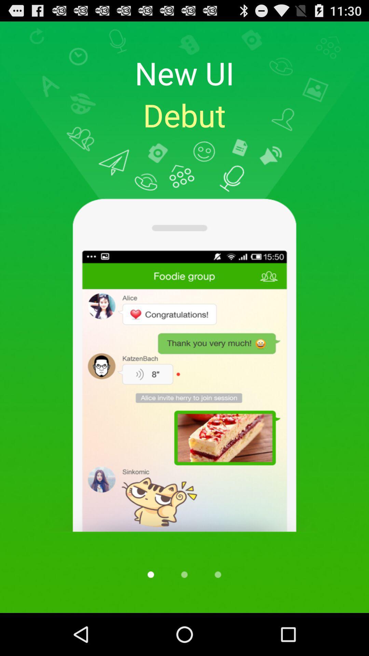 The width and height of the screenshot is (369, 656). I want to click on next tab, so click(218, 574).